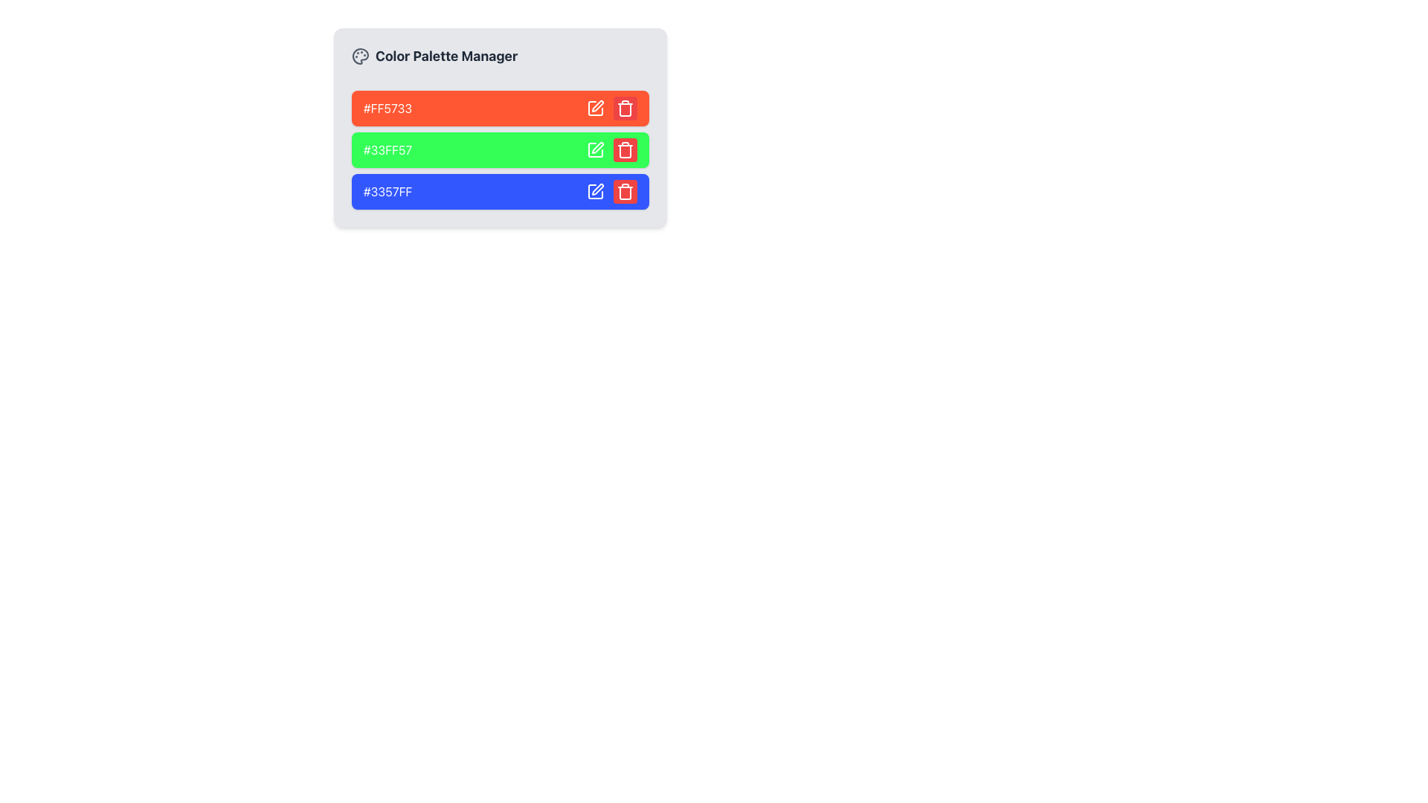 The height and width of the screenshot is (803, 1428). Describe the element at coordinates (625, 149) in the screenshot. I see `the delete button with a trash icon, which is the rightmost icon adjacent to the green row labeled '#33FF57' to observe its hover effects` at that location.